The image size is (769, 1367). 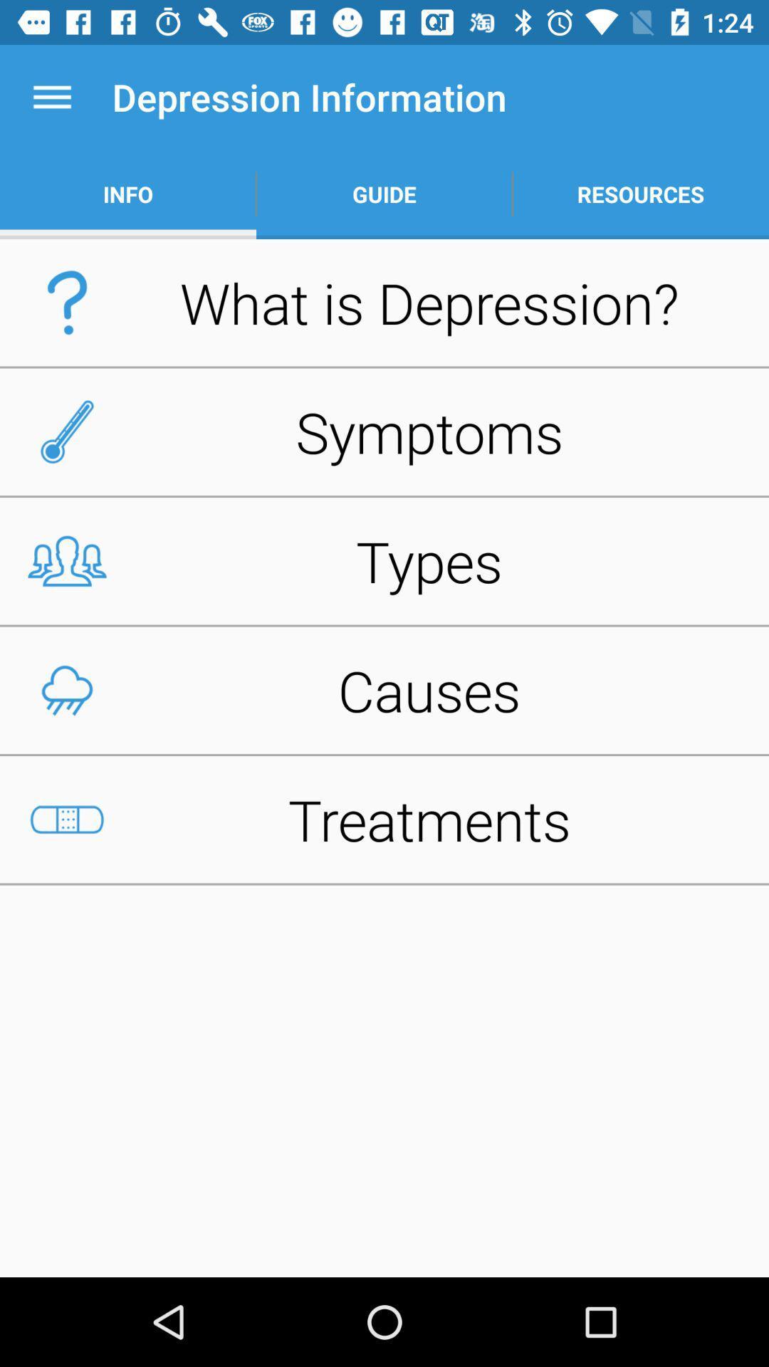 What do you see at coordinates (128, 194) in the screenshot?
I see `the info` at bounding box center [128, 194].